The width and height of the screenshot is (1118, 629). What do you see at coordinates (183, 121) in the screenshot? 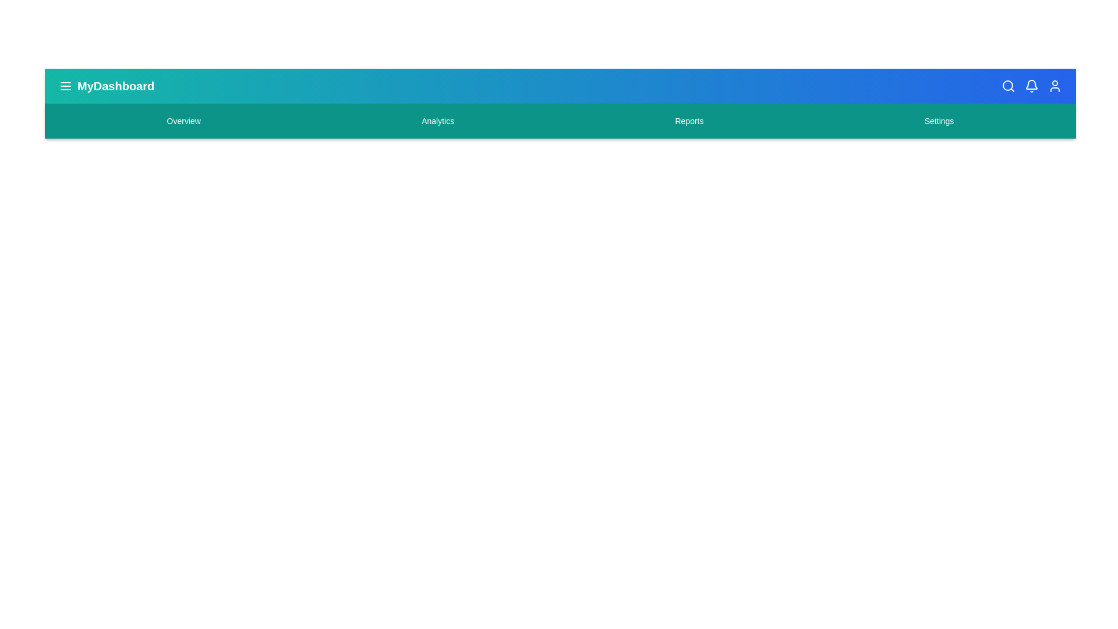
I see `the Overview navigation menu item` at bounding box center [183, 121].